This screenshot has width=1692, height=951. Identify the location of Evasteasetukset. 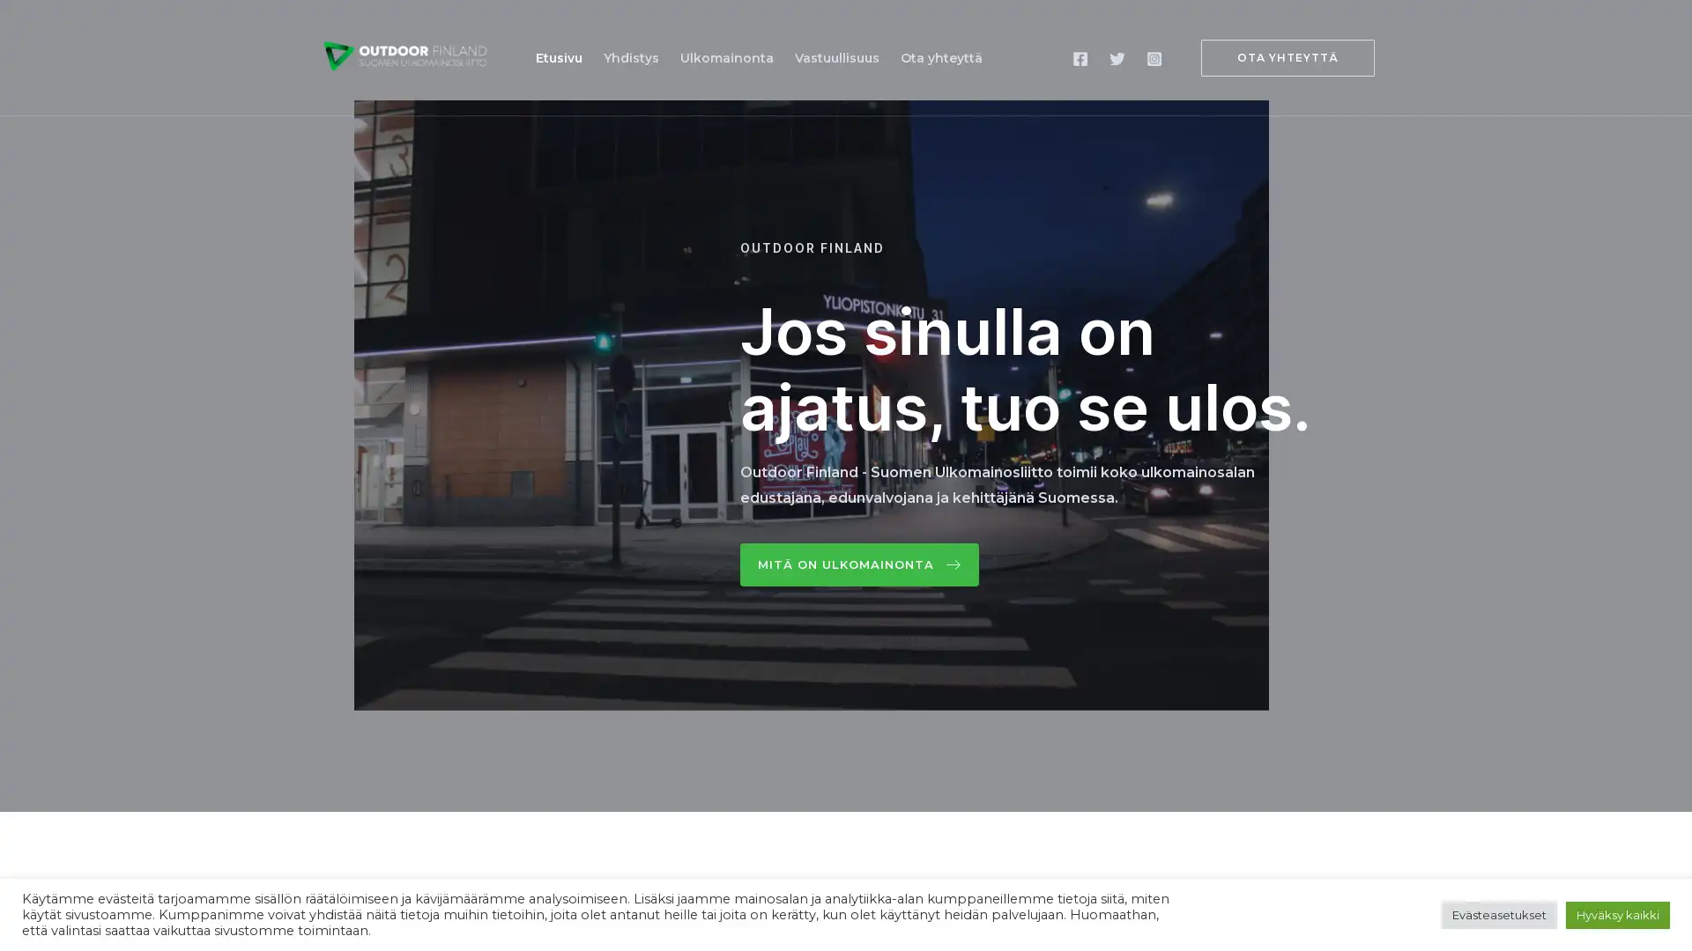
(1498, 913).